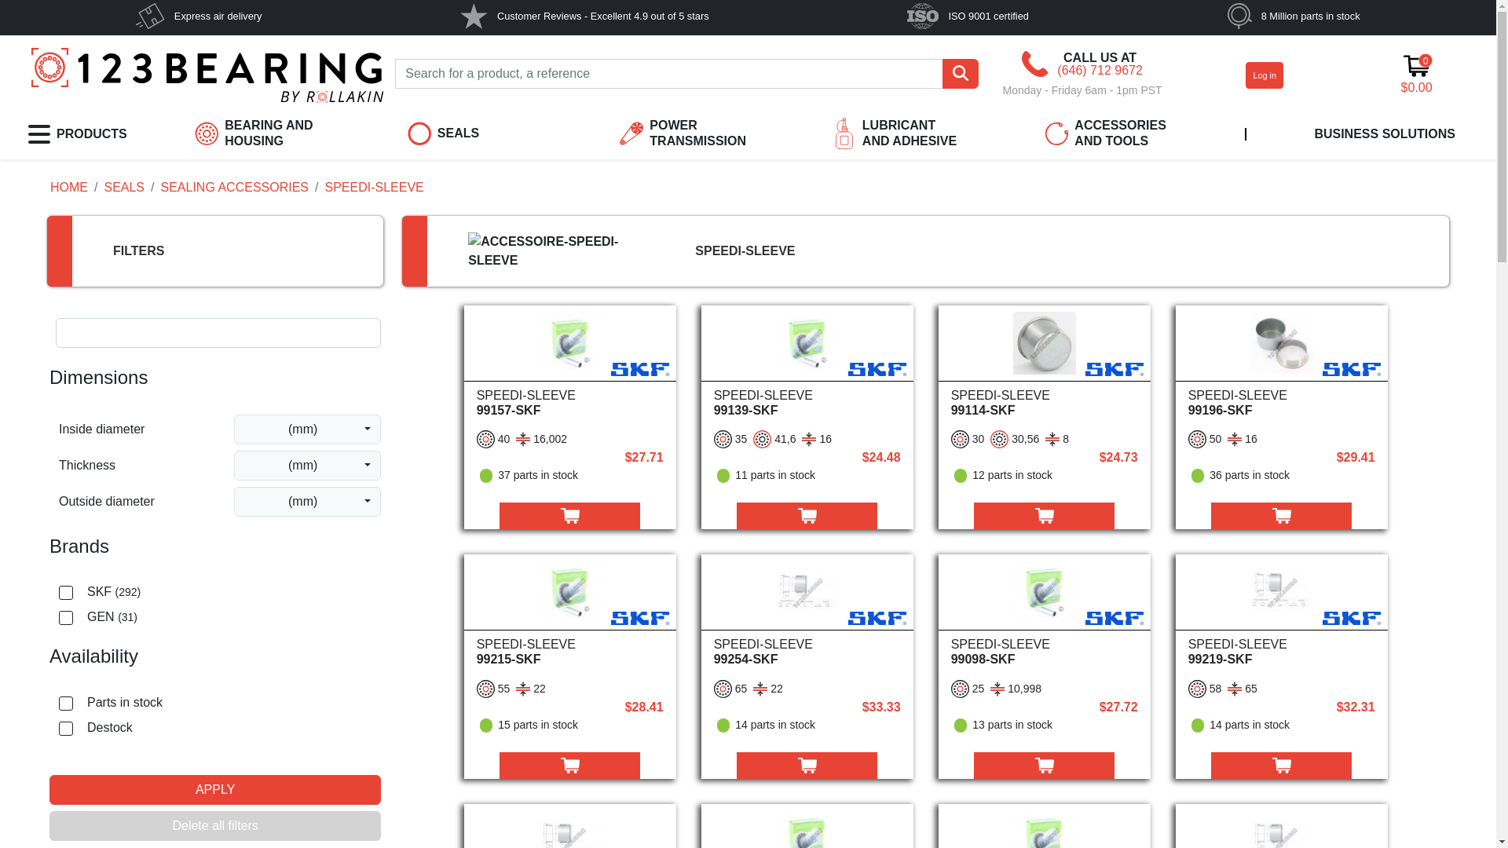 The width and height of the screenshot is (1508, 848). Describe the element at coordinates (686, 133) in the screenshot. I see `'POWER TRANSMISSION'` at that location.